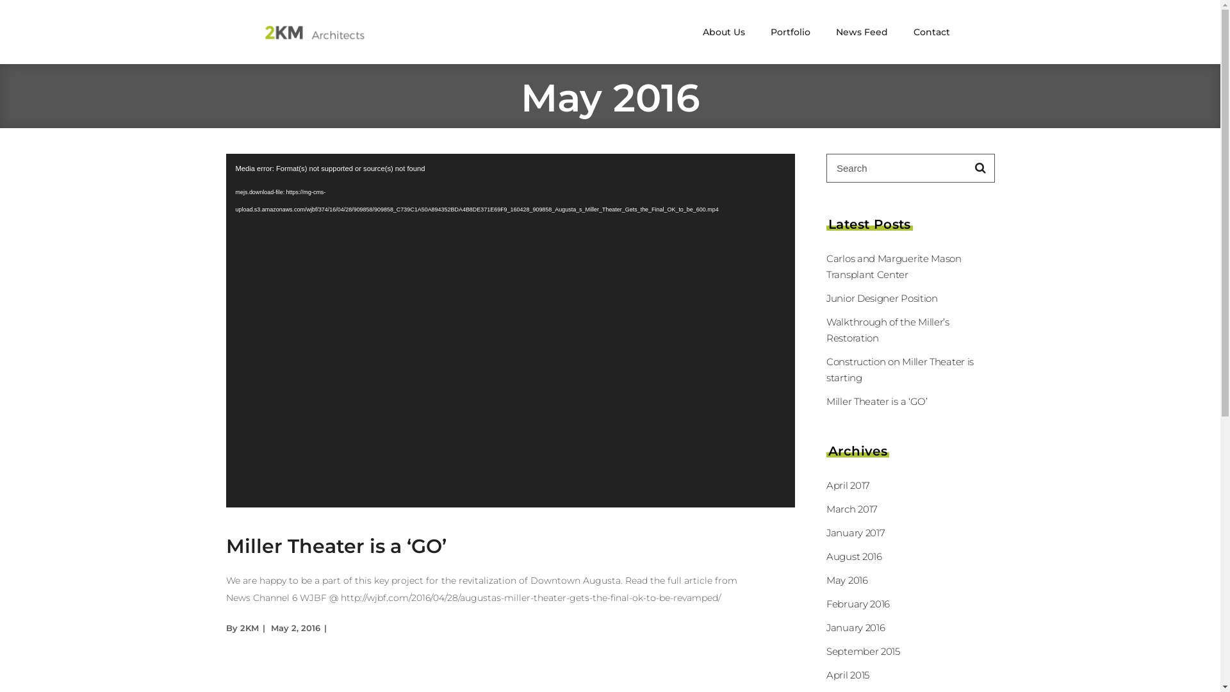 The image size is (1230, 692). What do you see at coordinates (723, 31) in the screenshot?
I see `'About Us'` at bounding box center [723, 31].